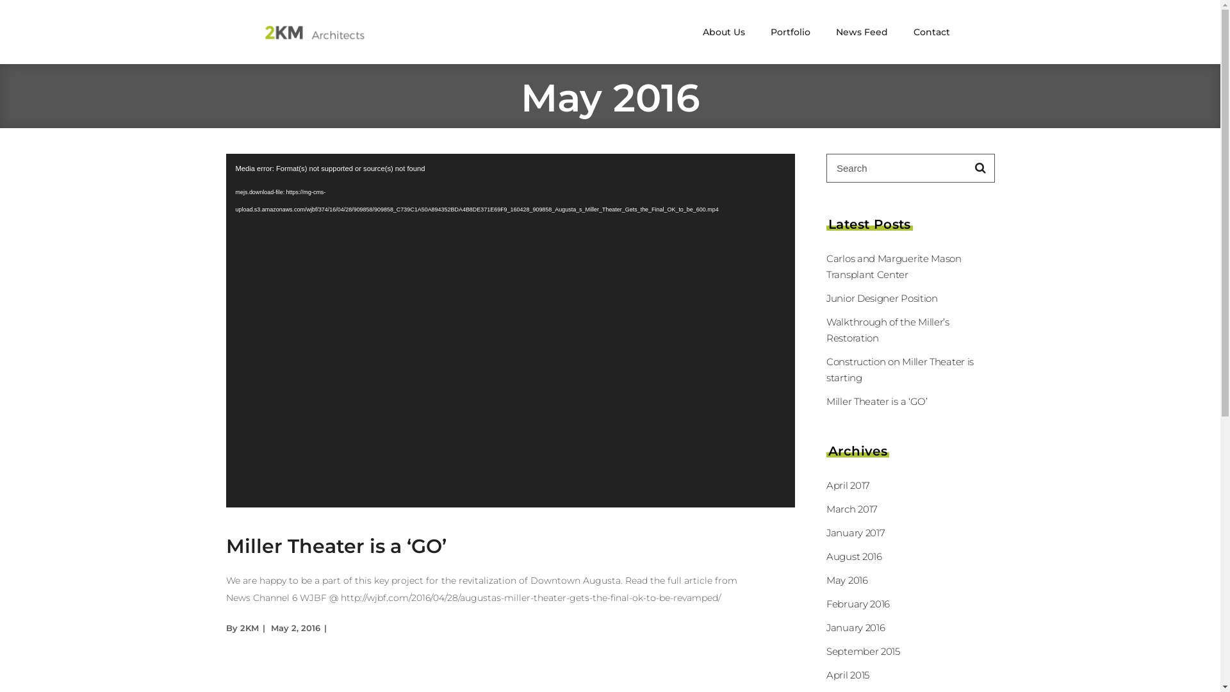 The image size is (1230, 692). What do you see at coordinates (723, 31) in the screenshot?
I see `'About Us'` at bounding box center [723, 31].